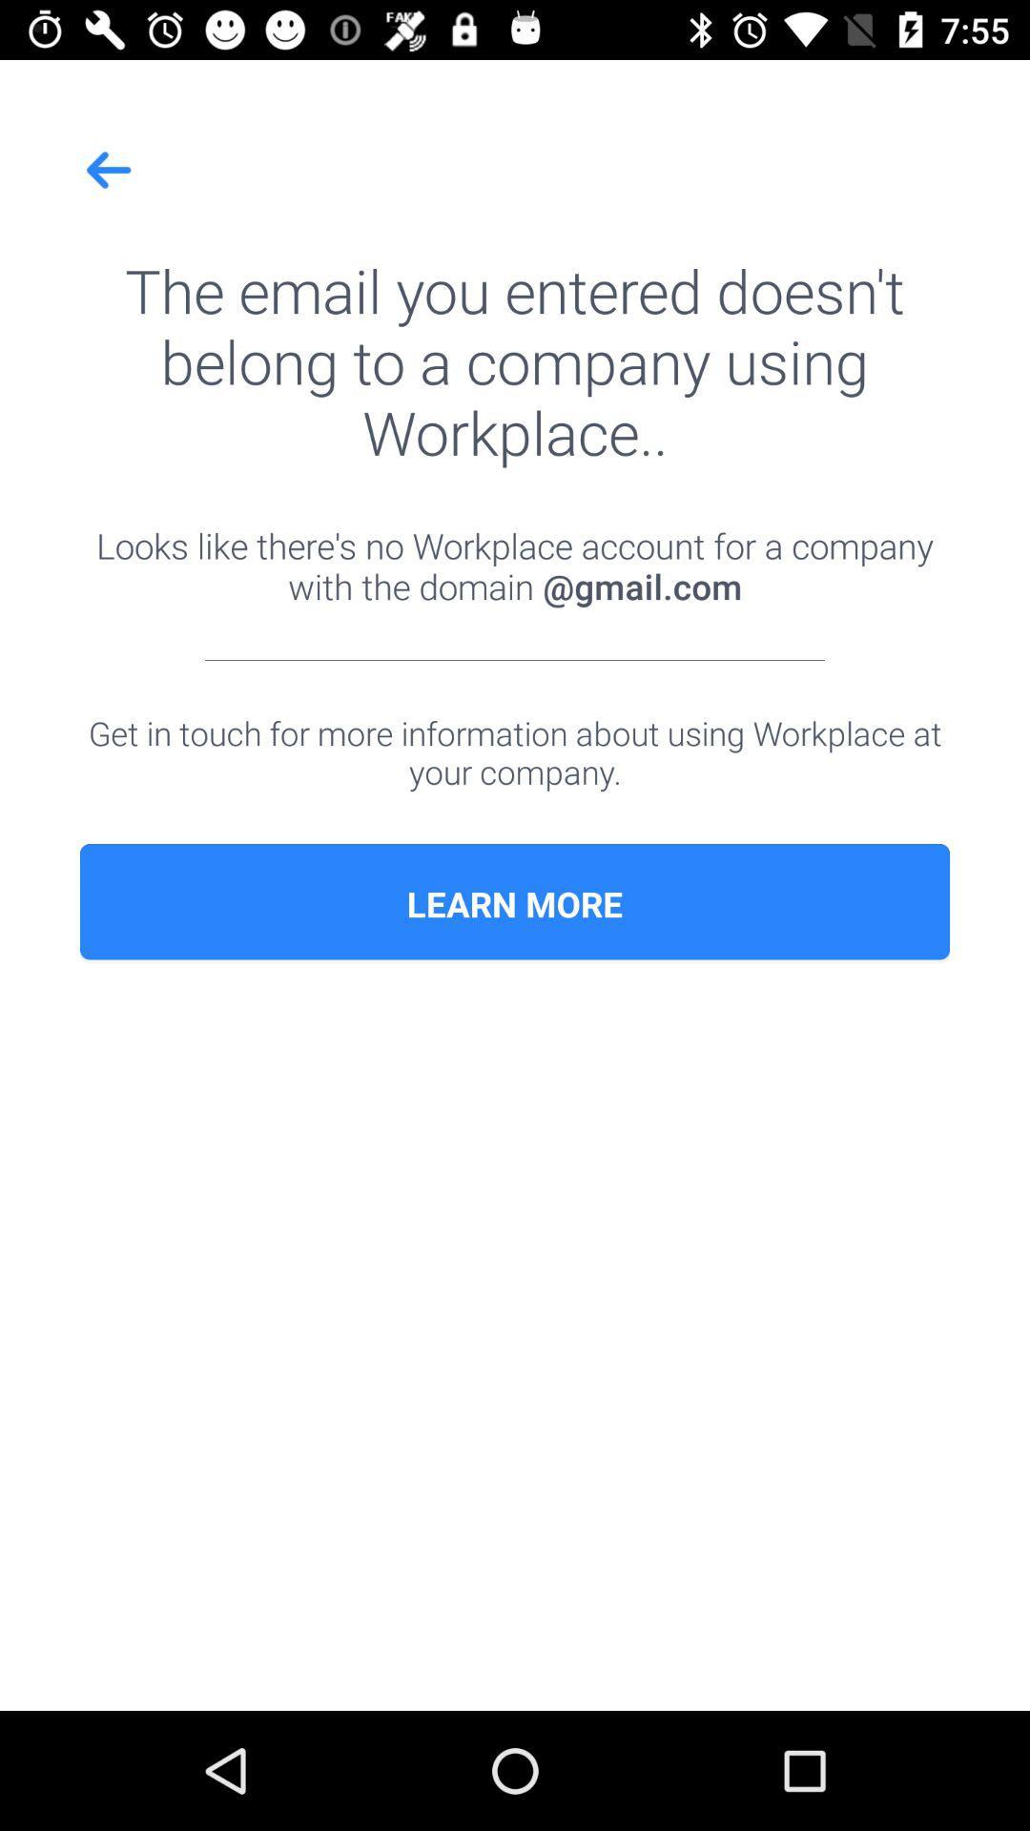 This screenshot has height=1831, width=1030. I want to click on item below the get in touch, so click(515, 903).